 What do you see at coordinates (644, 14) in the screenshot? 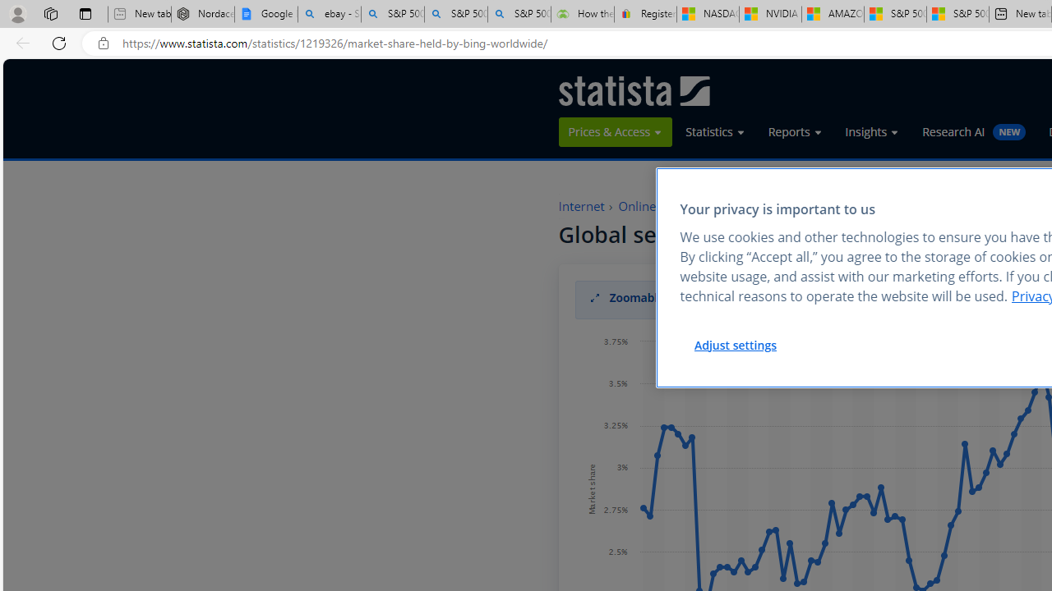
I see `'Register: Create a personal eBay account'` at bounding box center [644, 14].